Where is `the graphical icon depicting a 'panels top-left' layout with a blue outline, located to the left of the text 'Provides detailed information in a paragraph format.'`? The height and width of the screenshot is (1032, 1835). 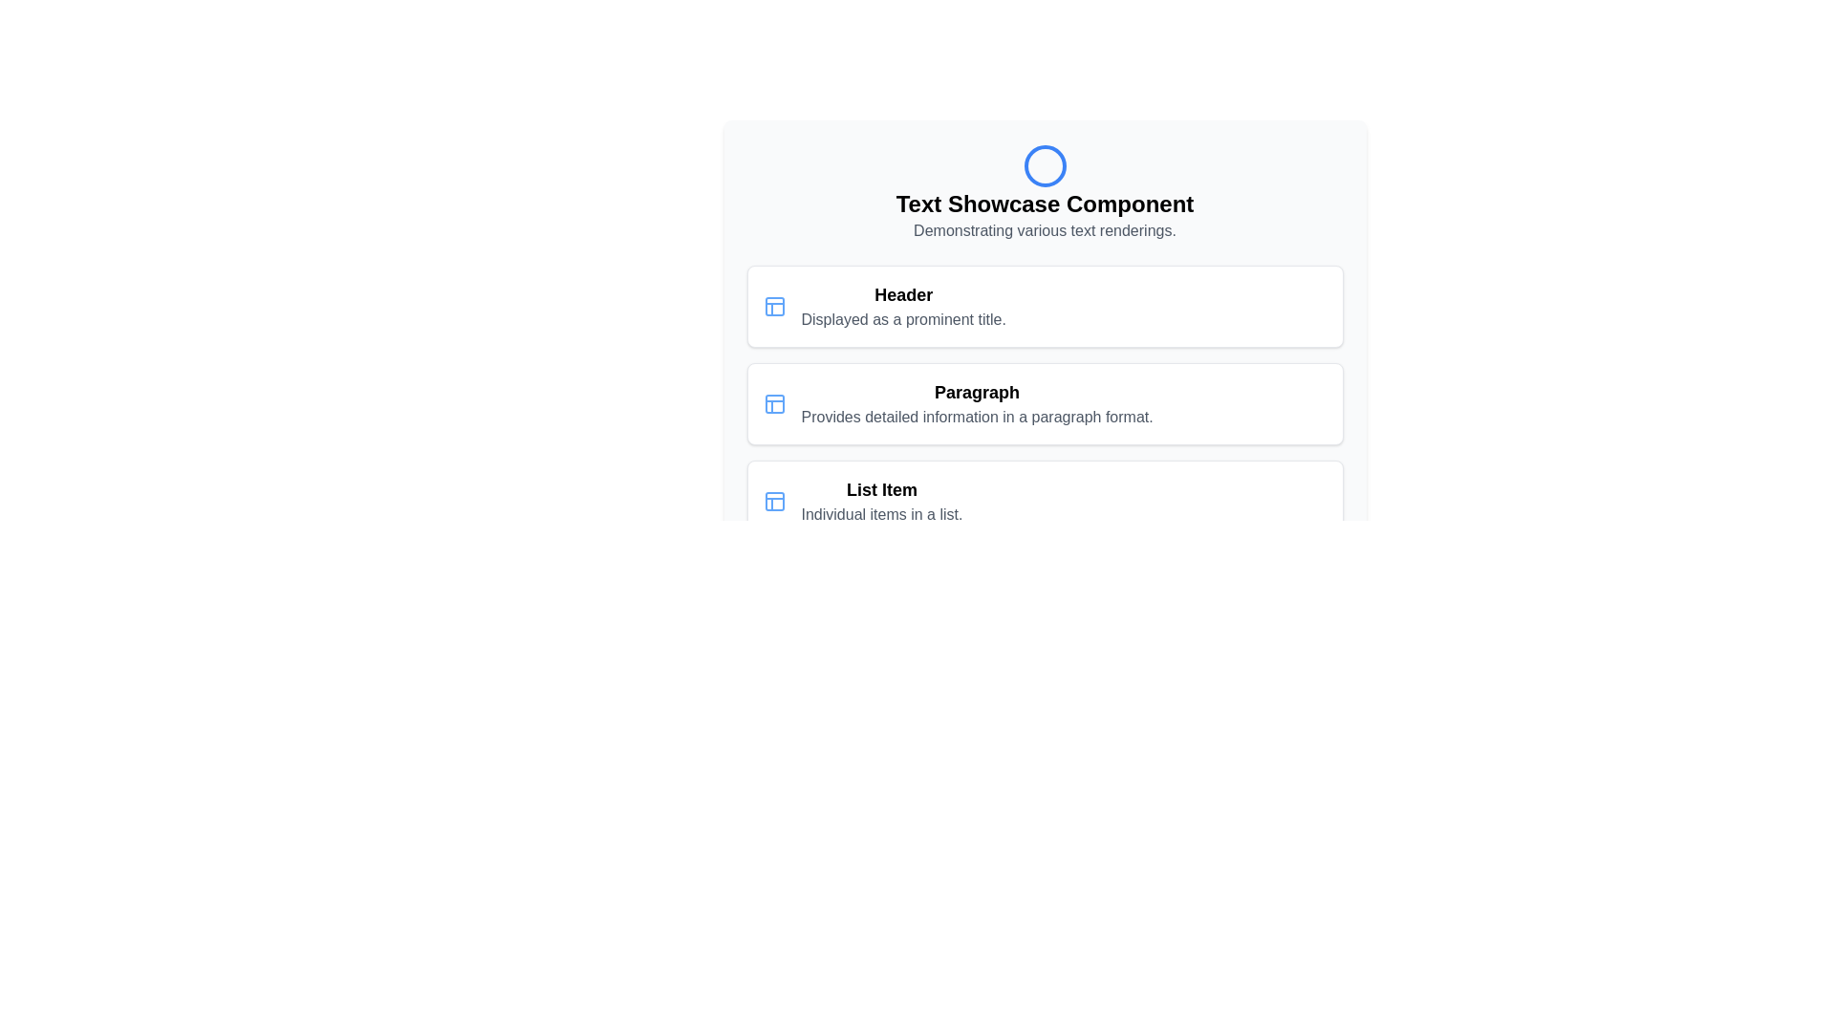 the graphical icon depicting a 'panels top-left' layout with a blue outline, located to the left of the text 'Provides detailed information in a paragraph format.' is located at coordinates (774, 403).